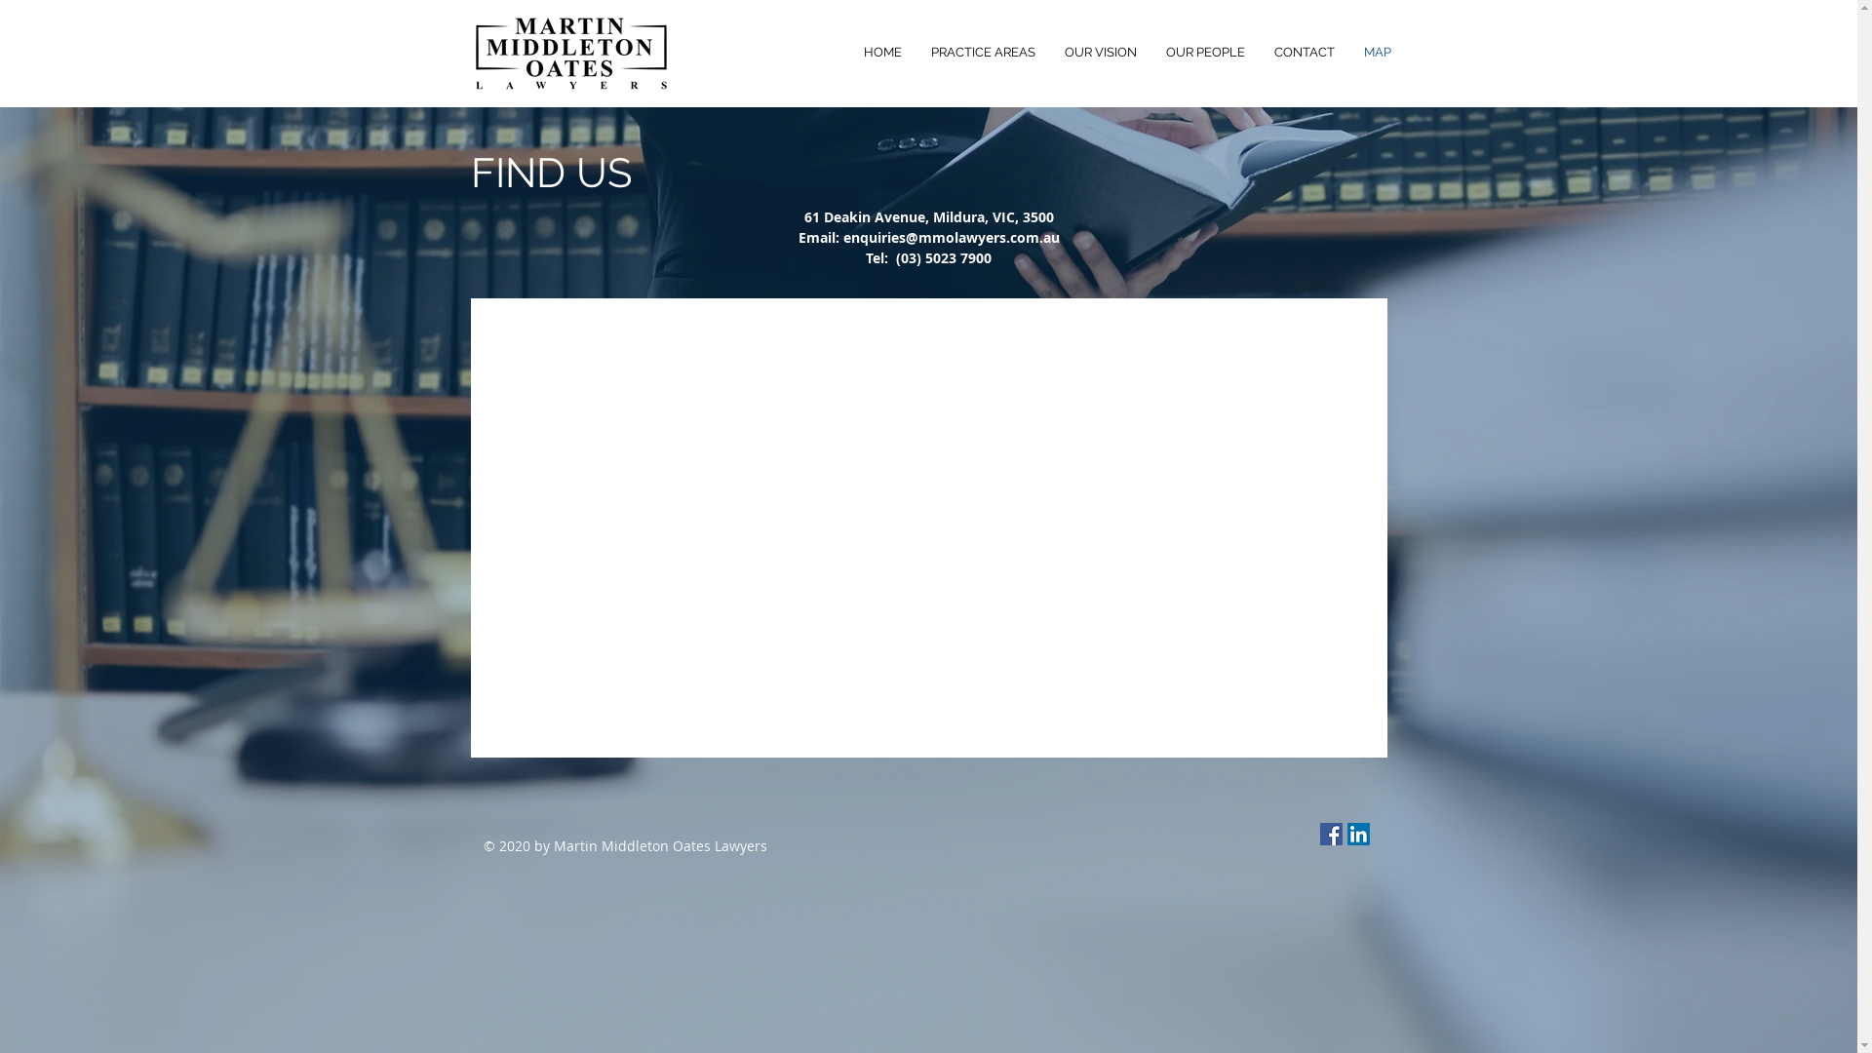 This screenshot has width=1872, height=1053. Describe the element at coordinates (928, 527) in the screenshot. I see `'Google Maps'` at that location.